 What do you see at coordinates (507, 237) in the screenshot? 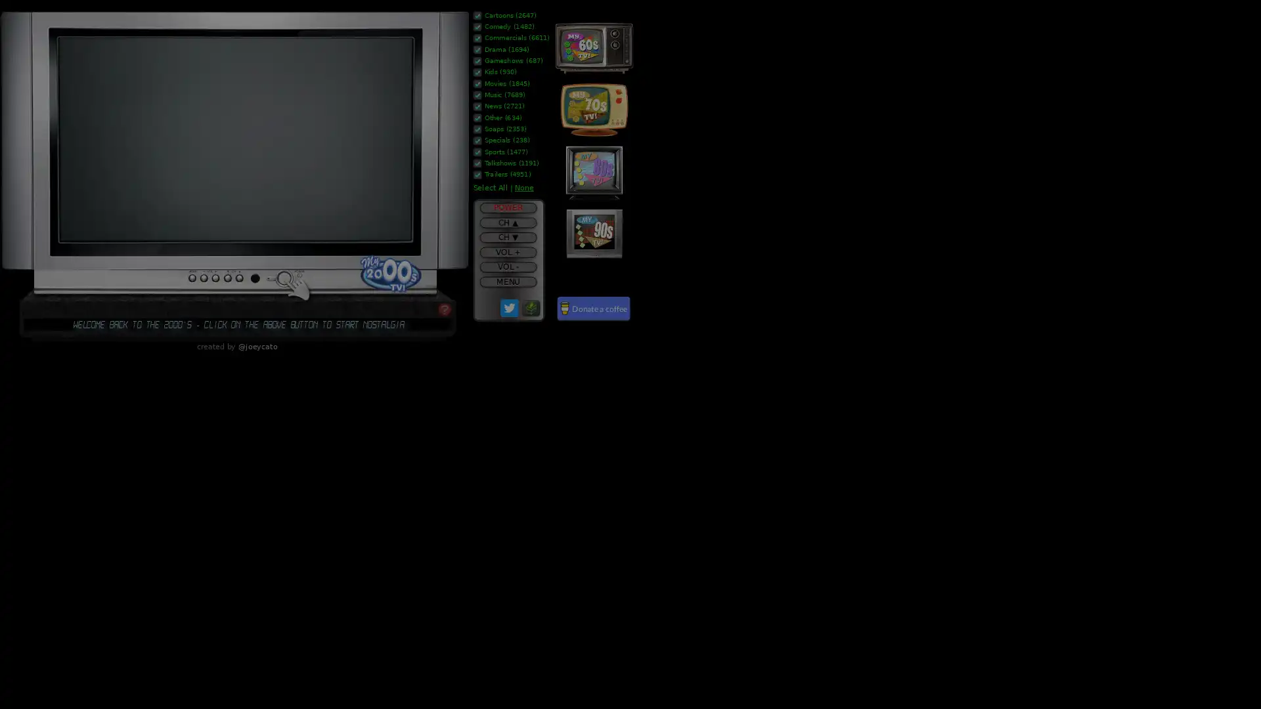
I see `CH` at bounding box center [507, 237].